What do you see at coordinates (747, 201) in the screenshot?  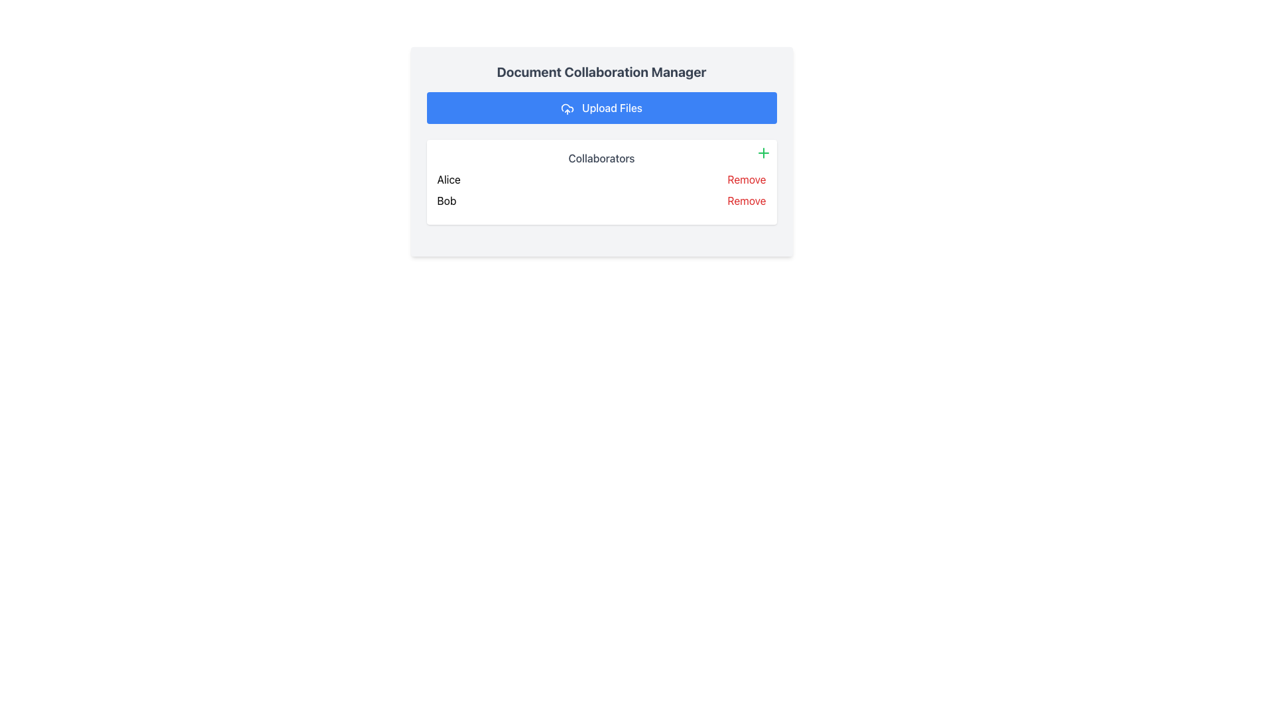 I see `the 'Remove' button located in the collaborator section next to the name 'Bob'` at bounding box center [747, 201].